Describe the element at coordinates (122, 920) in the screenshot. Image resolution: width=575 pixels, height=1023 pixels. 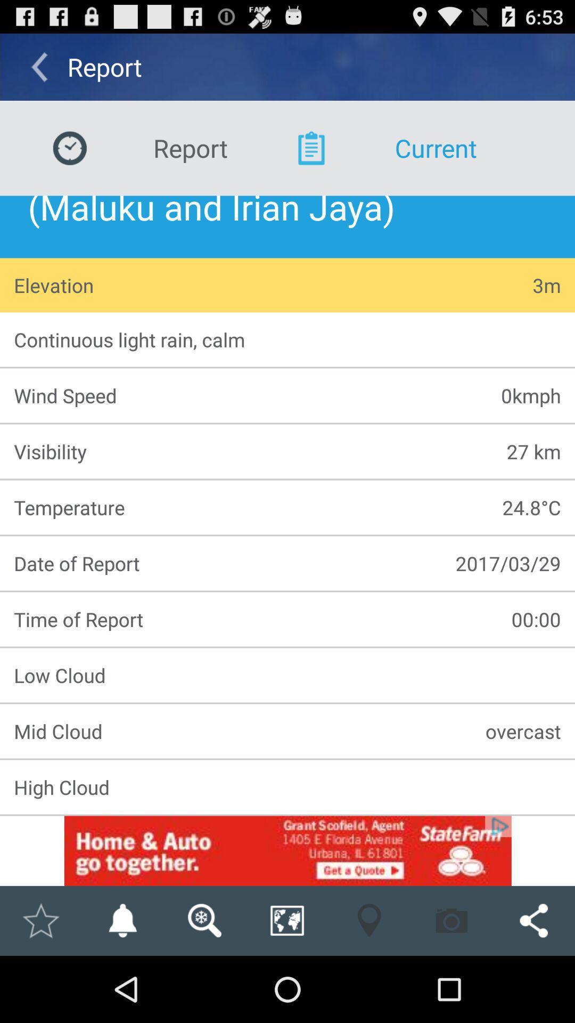
I see `subscribe the option` at that location.